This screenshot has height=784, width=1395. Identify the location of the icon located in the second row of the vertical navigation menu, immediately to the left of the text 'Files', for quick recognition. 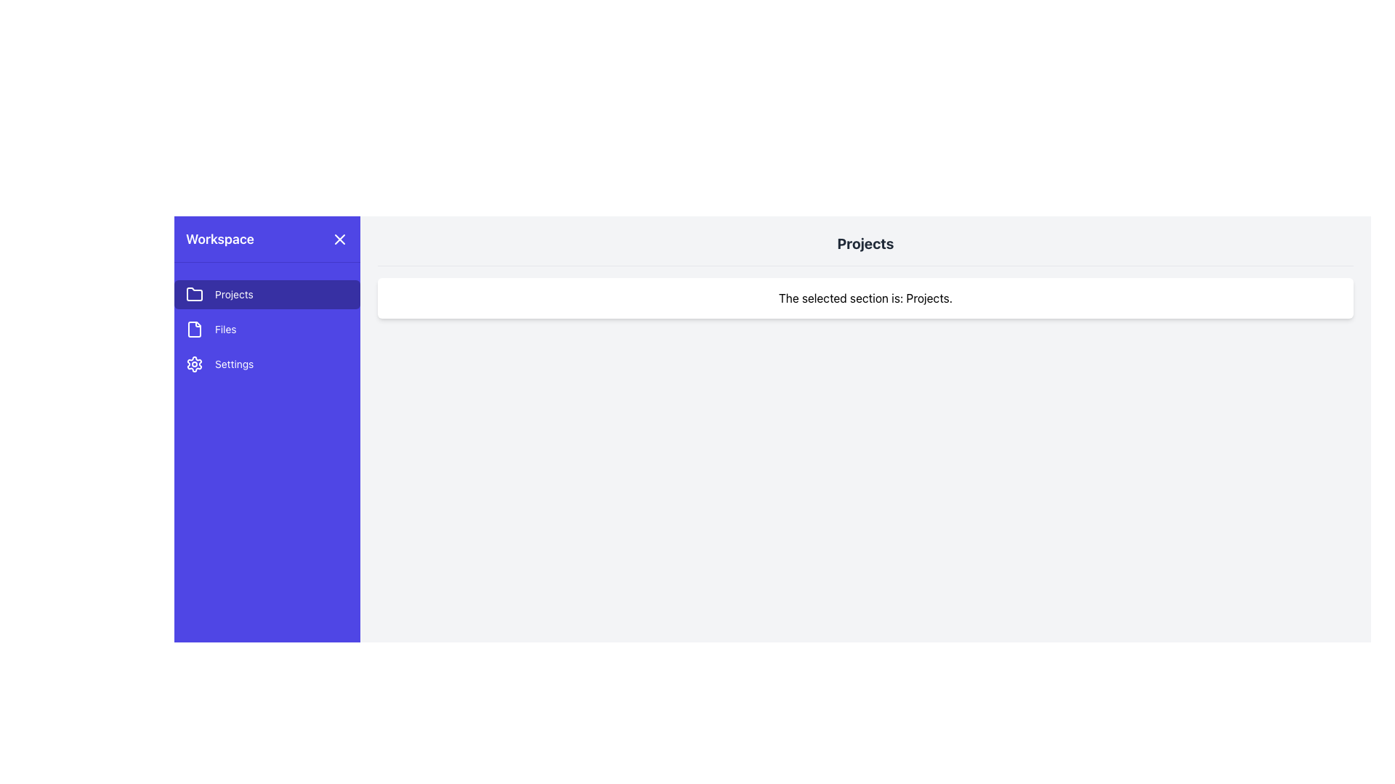
(194, 330).